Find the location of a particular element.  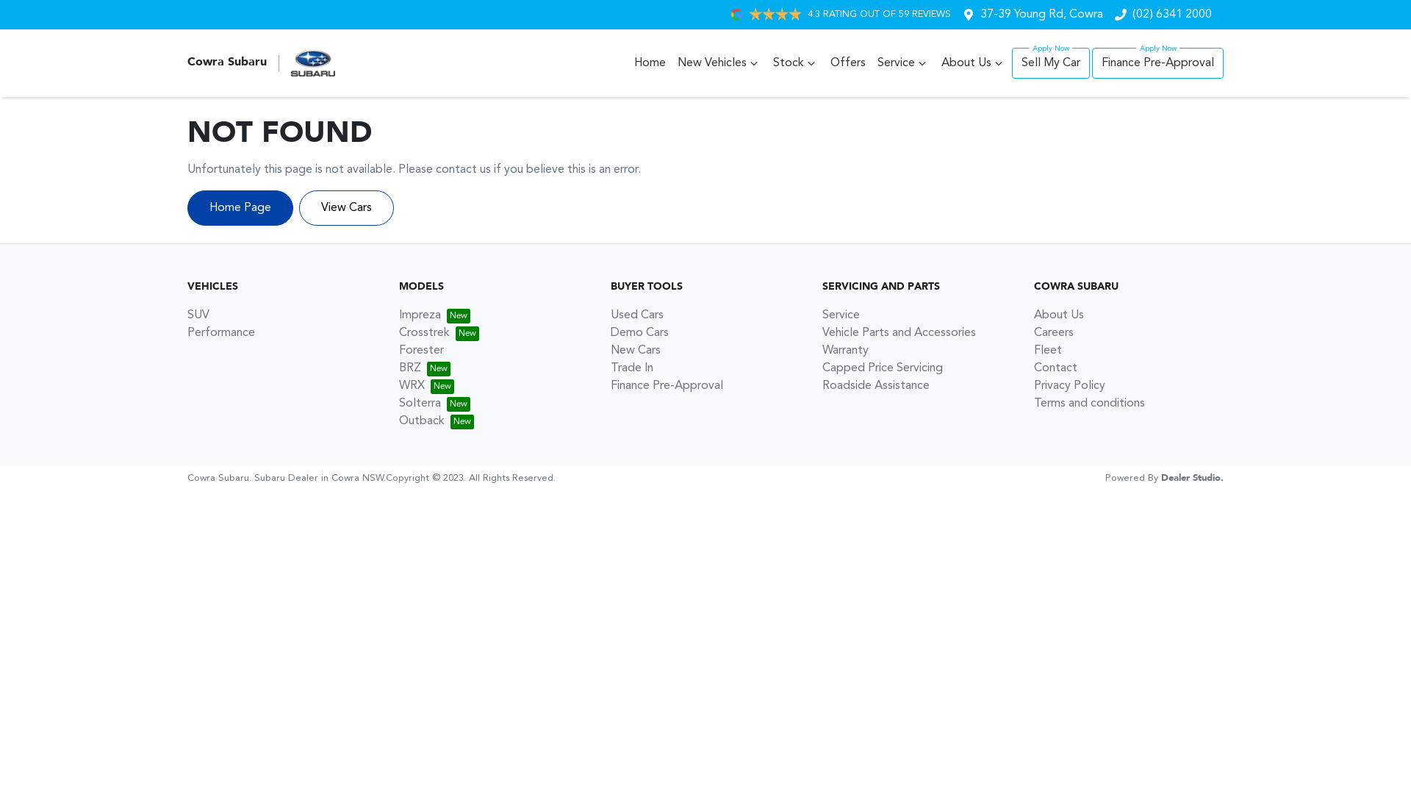

'Performance' is located at coordinates (220, 332).